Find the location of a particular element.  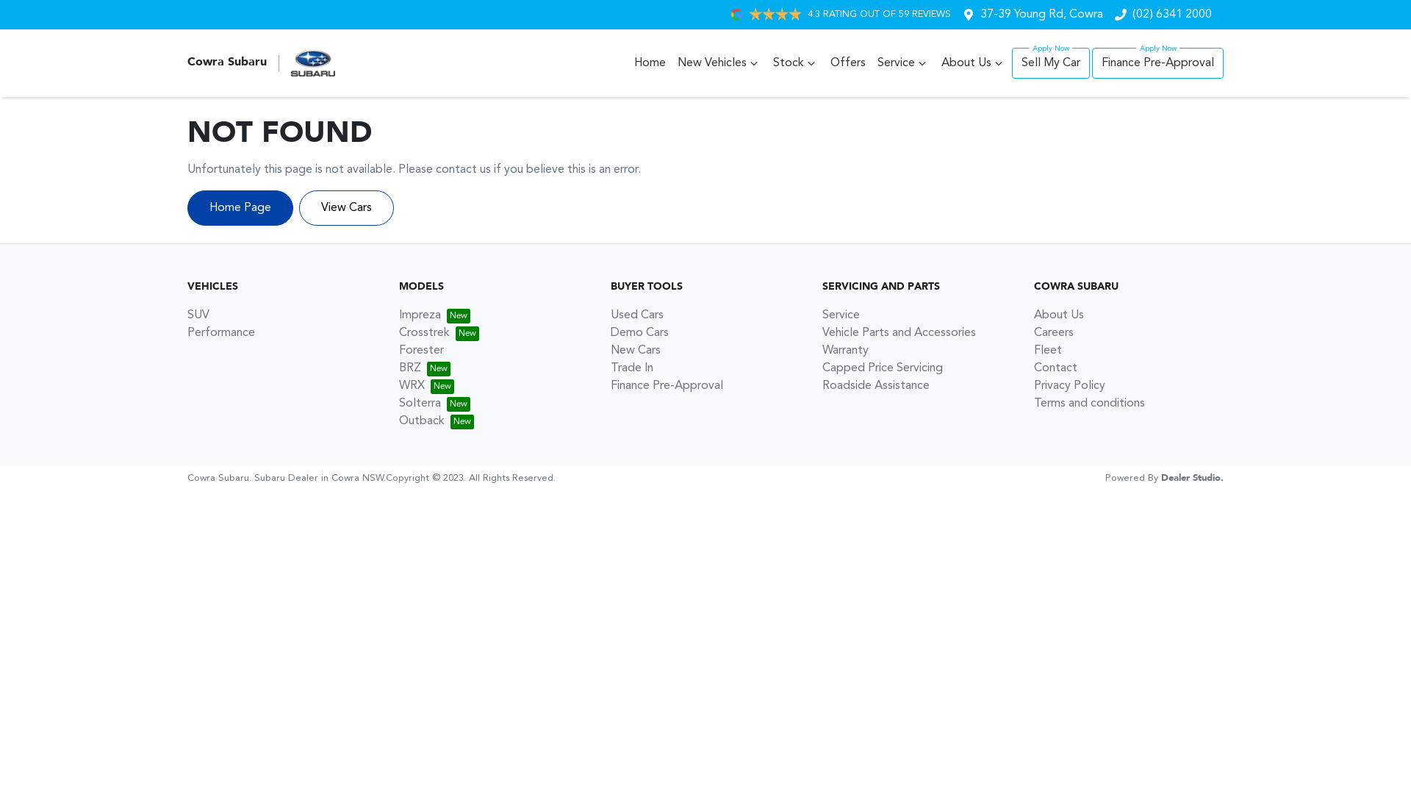

'Performance' is located at coordinates (220, 332).